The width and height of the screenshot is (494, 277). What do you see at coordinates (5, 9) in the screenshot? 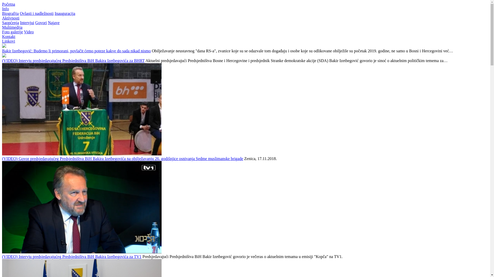
I see `'Info'` at bounding box center [5, 9].